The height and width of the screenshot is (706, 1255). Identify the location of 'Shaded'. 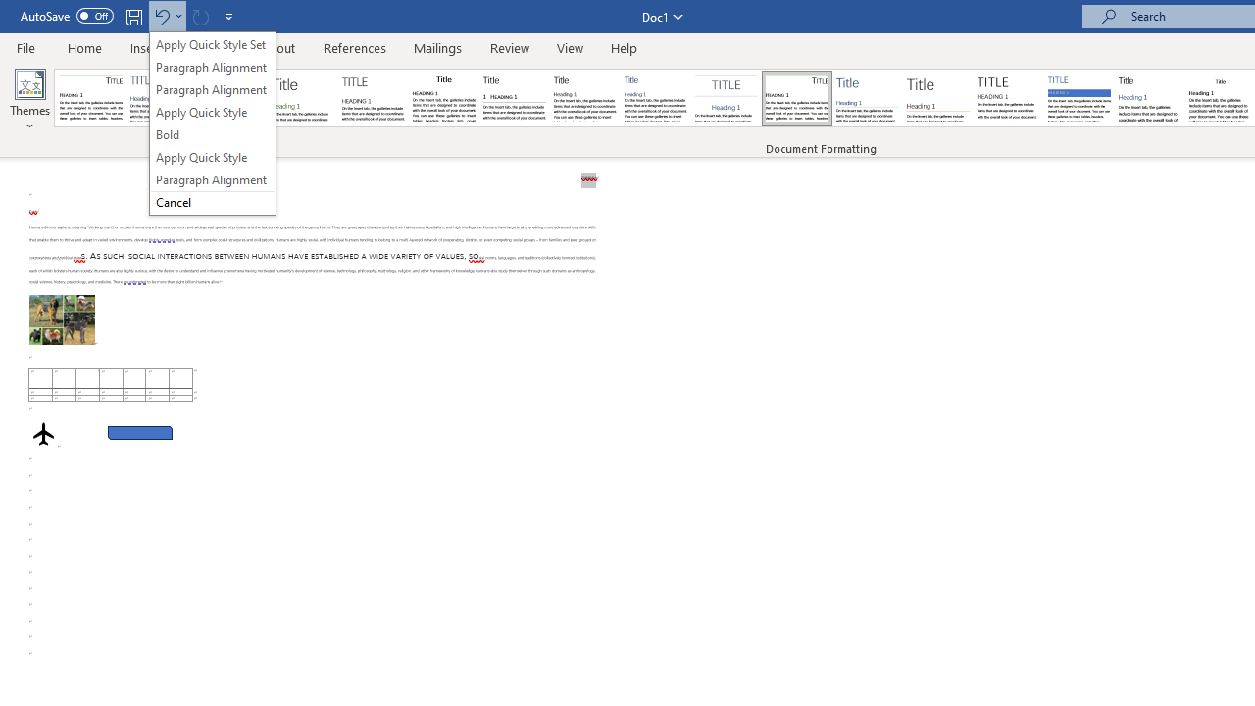
(1078, 98).